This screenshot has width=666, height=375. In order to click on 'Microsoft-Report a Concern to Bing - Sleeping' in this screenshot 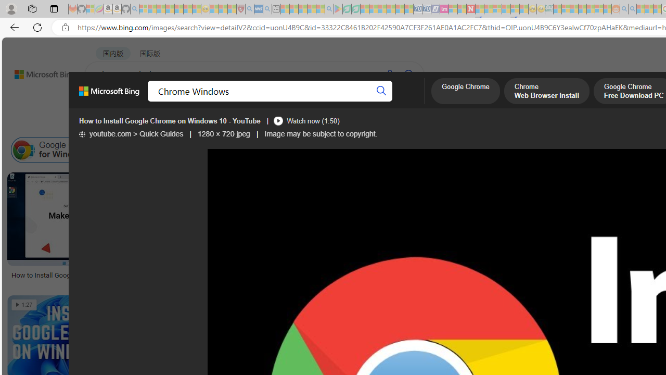, I will do `click(91, 9)`.